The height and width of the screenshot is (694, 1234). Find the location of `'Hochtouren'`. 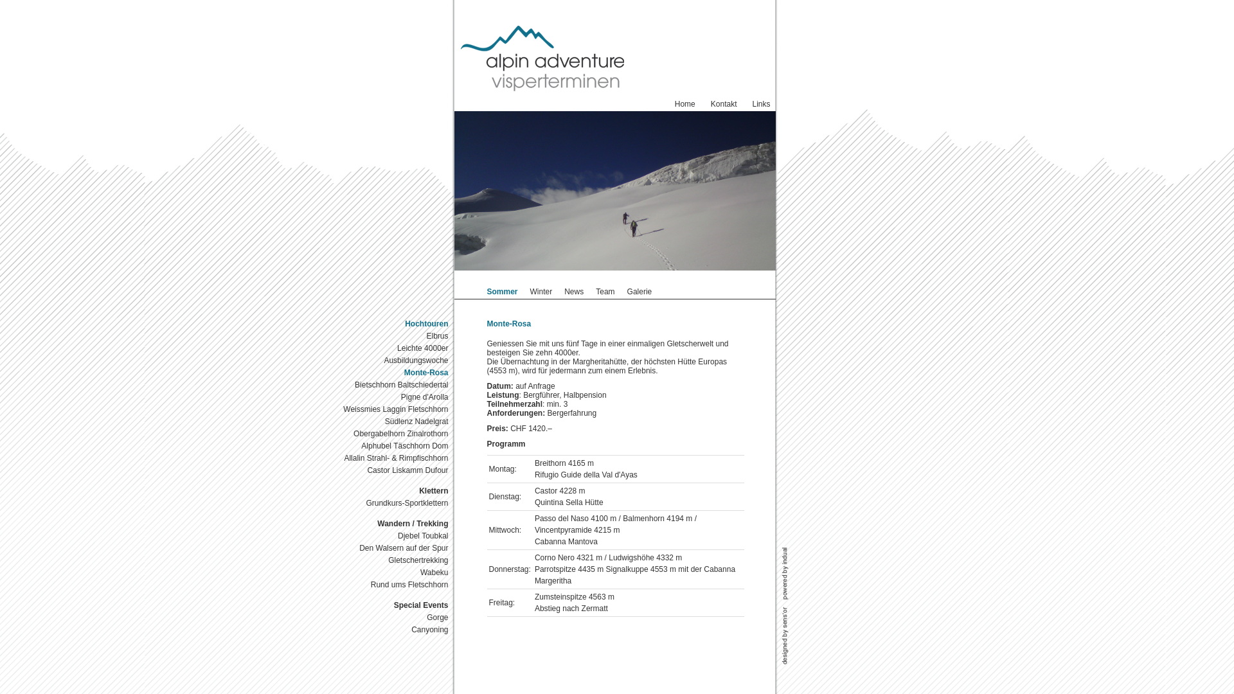

'Hochtouren' is located at coordinates (391, 323).